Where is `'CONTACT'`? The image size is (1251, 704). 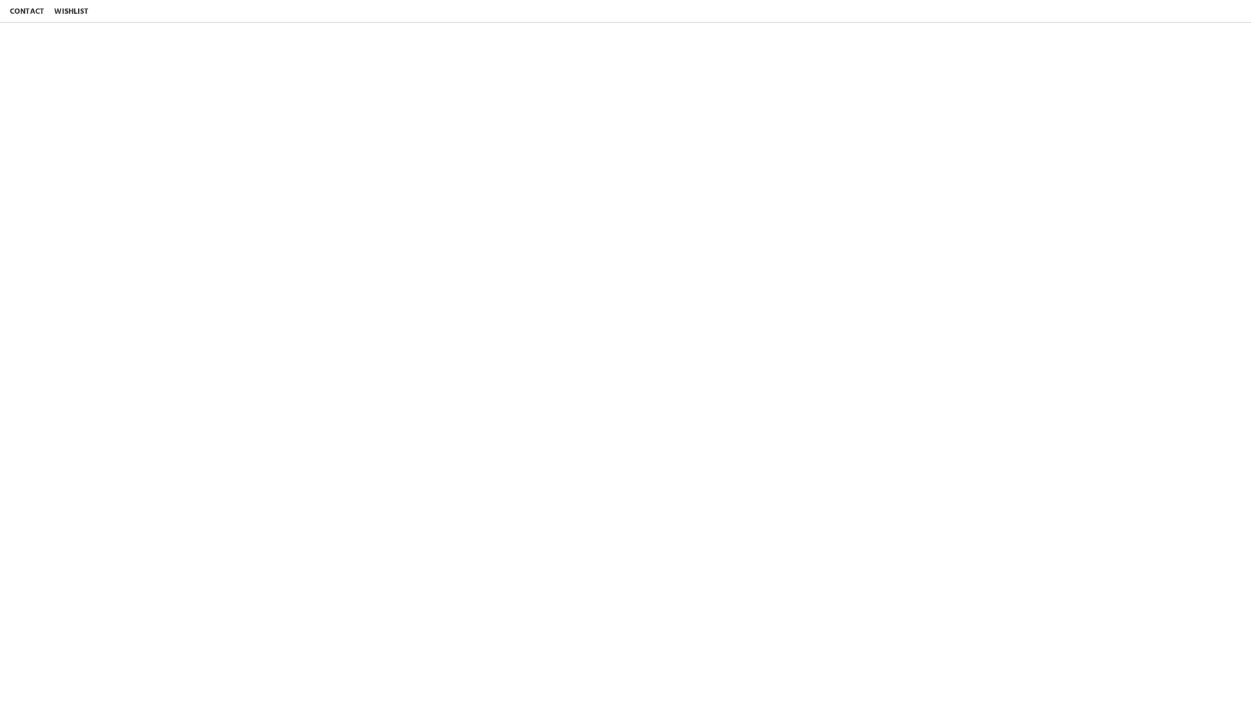 'CONTACT' is located at coordinates (6, 11).